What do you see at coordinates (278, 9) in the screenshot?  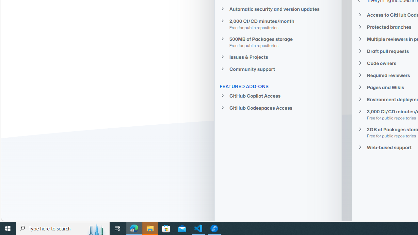 I see `'Automatic security and version updates'` at bounding box center [278, 9].